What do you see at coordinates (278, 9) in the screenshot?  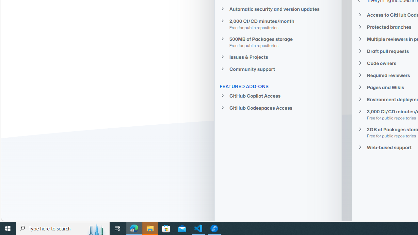 I see `'Automatic security and version updates'` at bounding box center [278, 9].